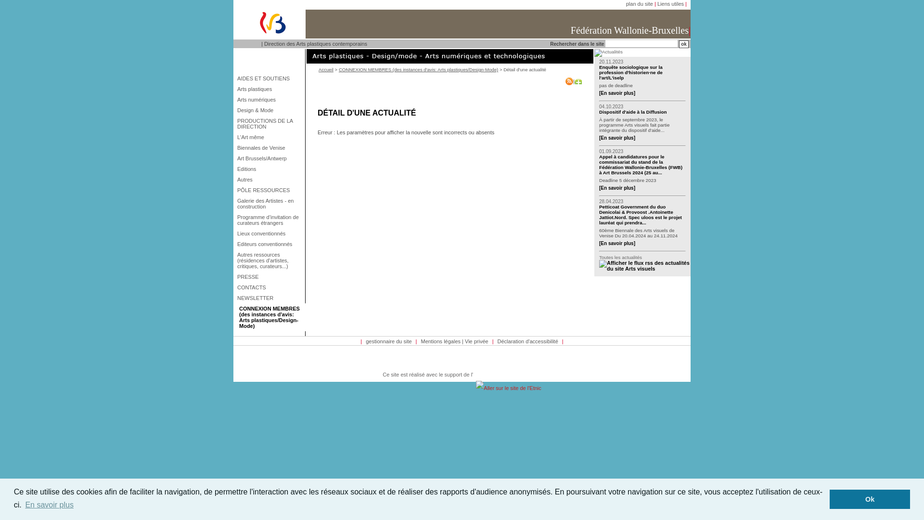 The height and width of the screenshot is (520, 924). What do you see at coordinates (235, 287) in the screenshot?
I see `'CONTACTS'` at bounding box center [235, 287].